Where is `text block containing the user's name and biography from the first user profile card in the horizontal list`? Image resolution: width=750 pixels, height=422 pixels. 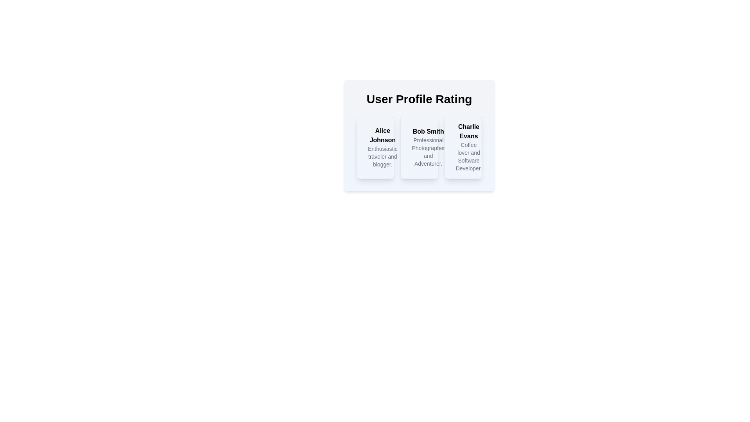 text block containing the user's name and biography from the first user profile card in the horizontal list is located at coordinates (375, 147).